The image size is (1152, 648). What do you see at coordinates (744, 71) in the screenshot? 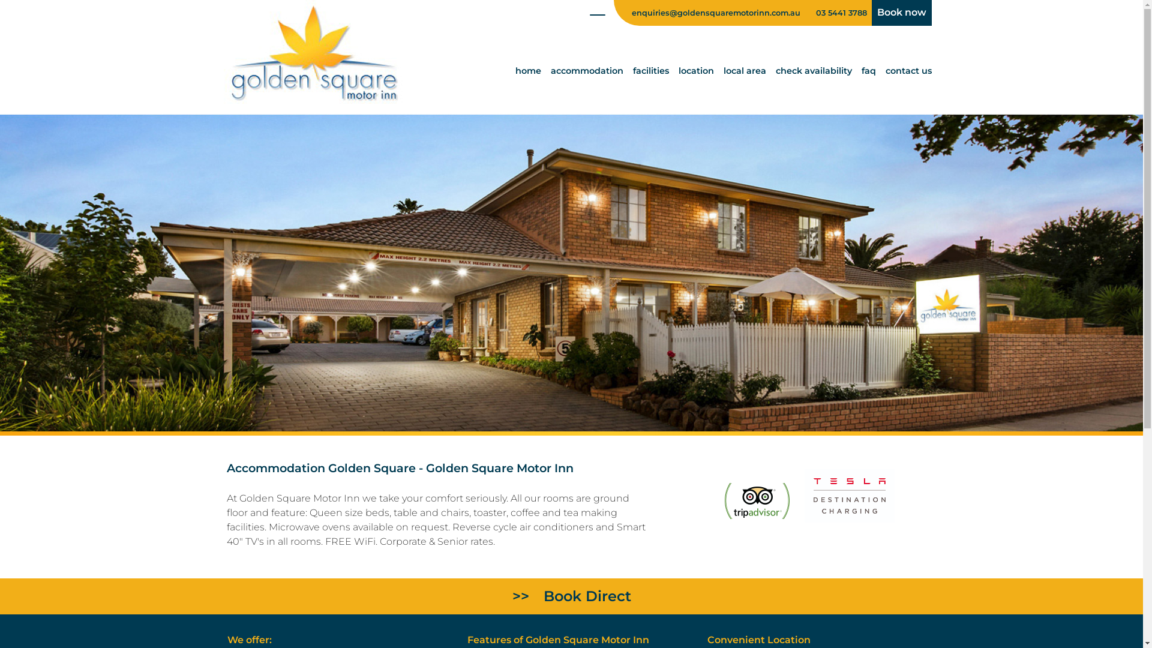
I see `'local area'` at bounding box center [744, 71].